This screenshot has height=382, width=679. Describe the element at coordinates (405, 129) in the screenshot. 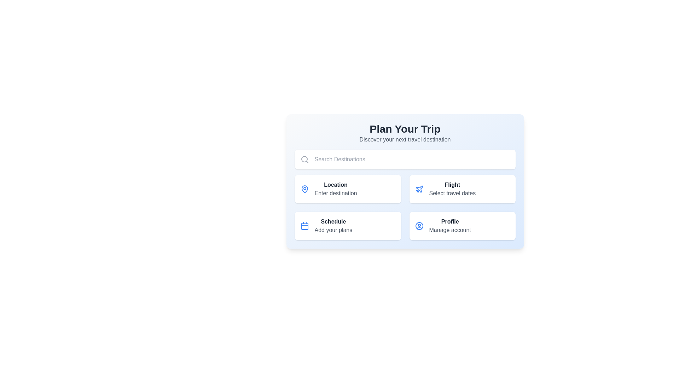

I see `the 'Plan Your Trip' text label, which is prominently displayed at the top of the user interface in a large, bold font` at that location.